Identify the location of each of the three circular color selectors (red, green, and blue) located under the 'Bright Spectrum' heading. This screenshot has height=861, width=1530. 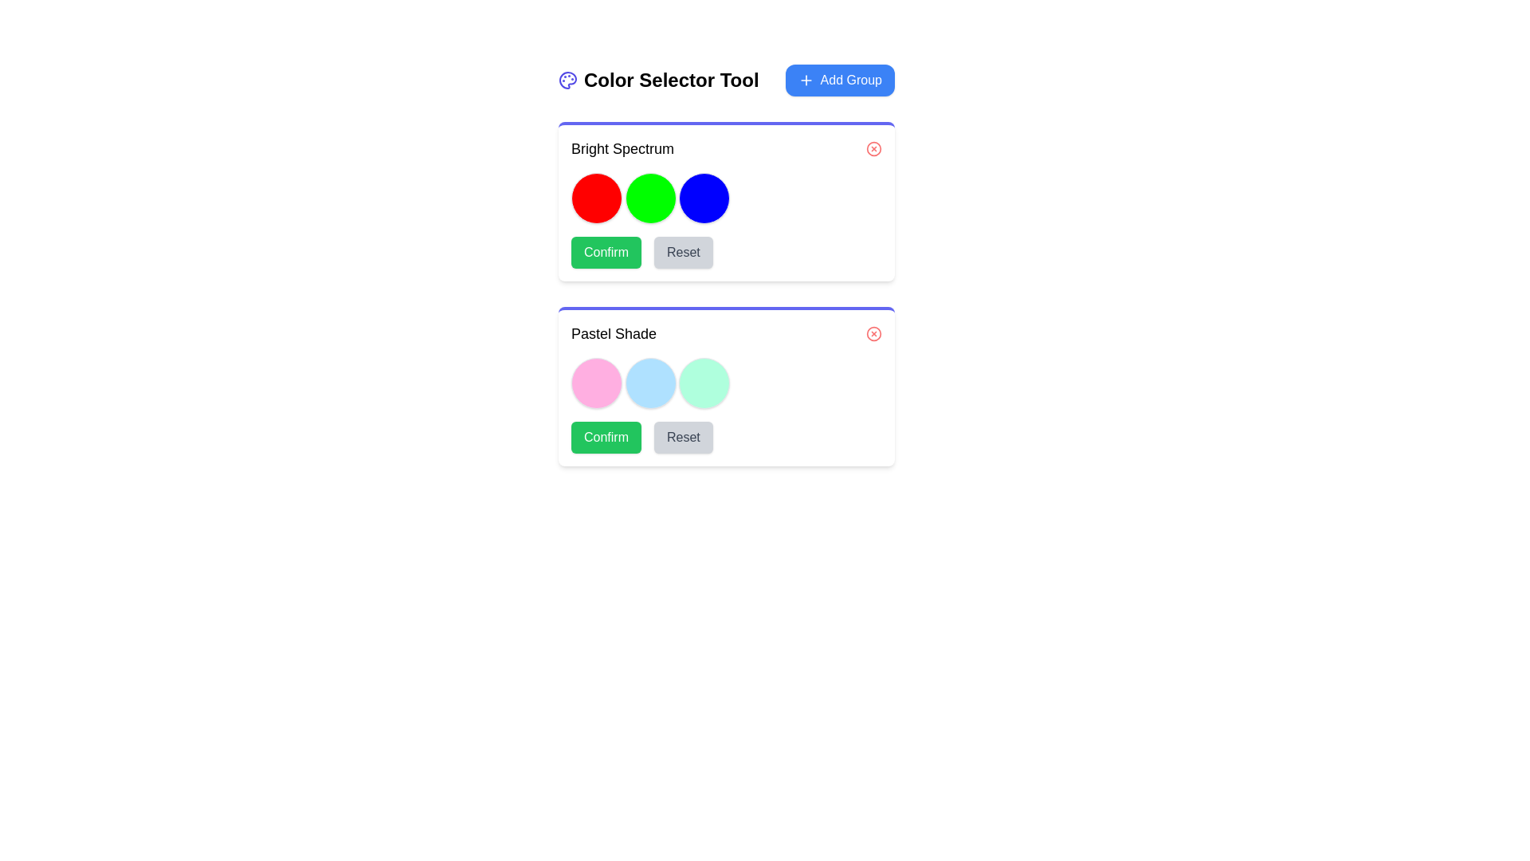
(726, 198).